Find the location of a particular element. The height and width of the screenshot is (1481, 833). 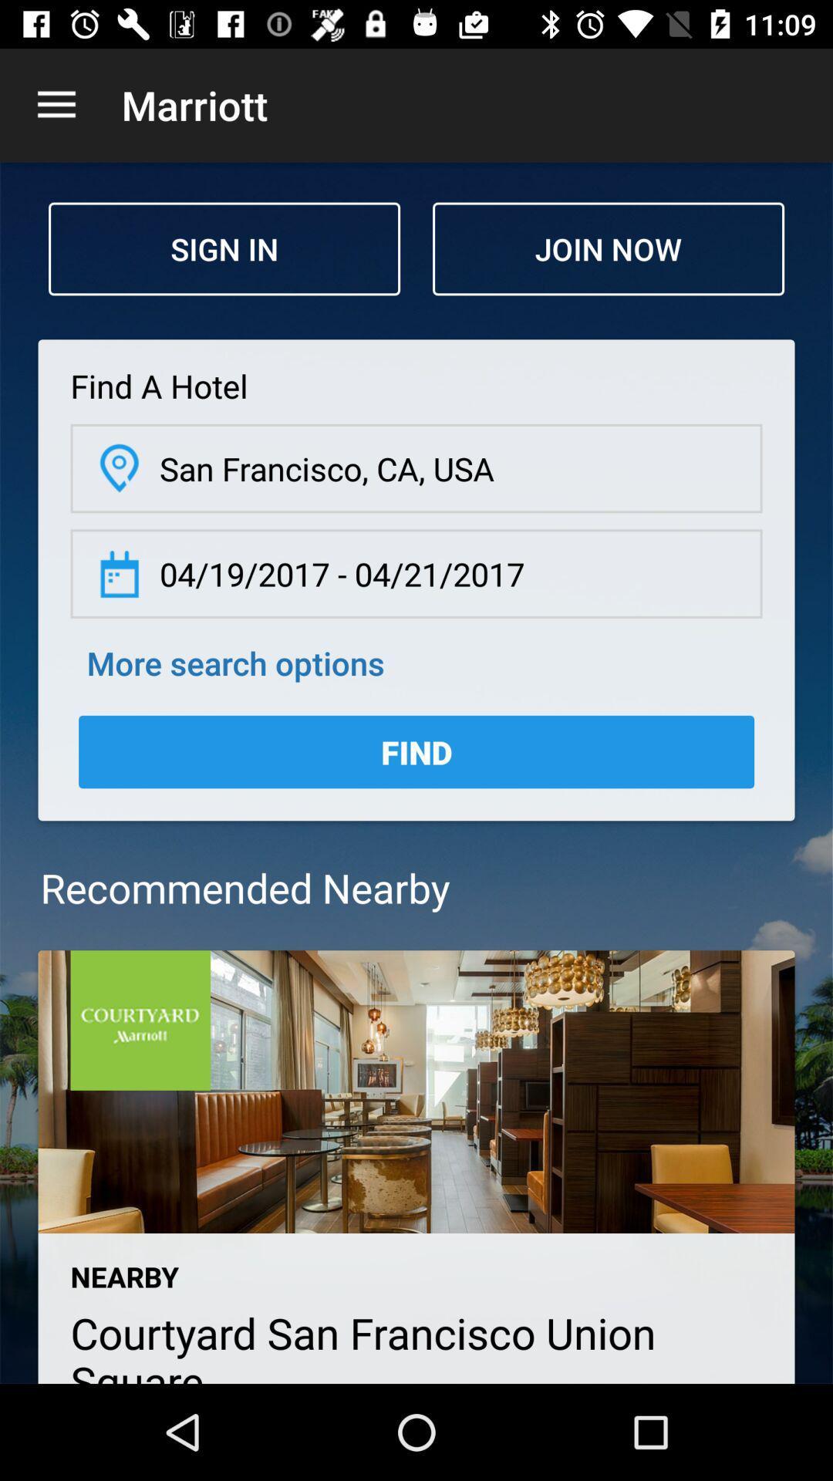

the join now item is located at coordinates (608, 248).